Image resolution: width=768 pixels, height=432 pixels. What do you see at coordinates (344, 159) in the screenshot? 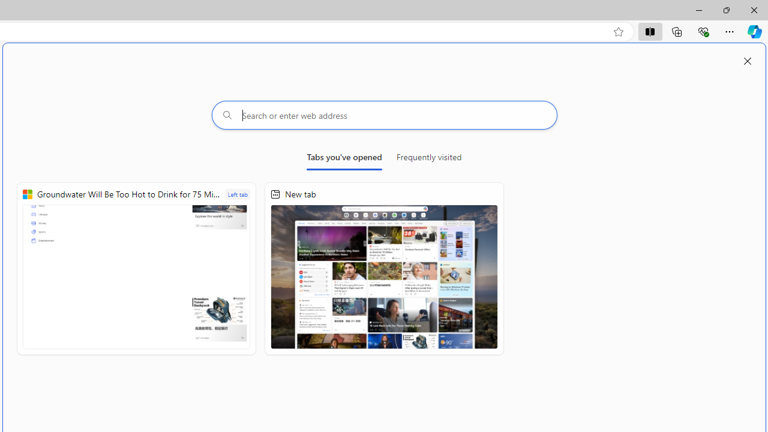
I see `'Tabs you'` at bounding box center [344, 159].